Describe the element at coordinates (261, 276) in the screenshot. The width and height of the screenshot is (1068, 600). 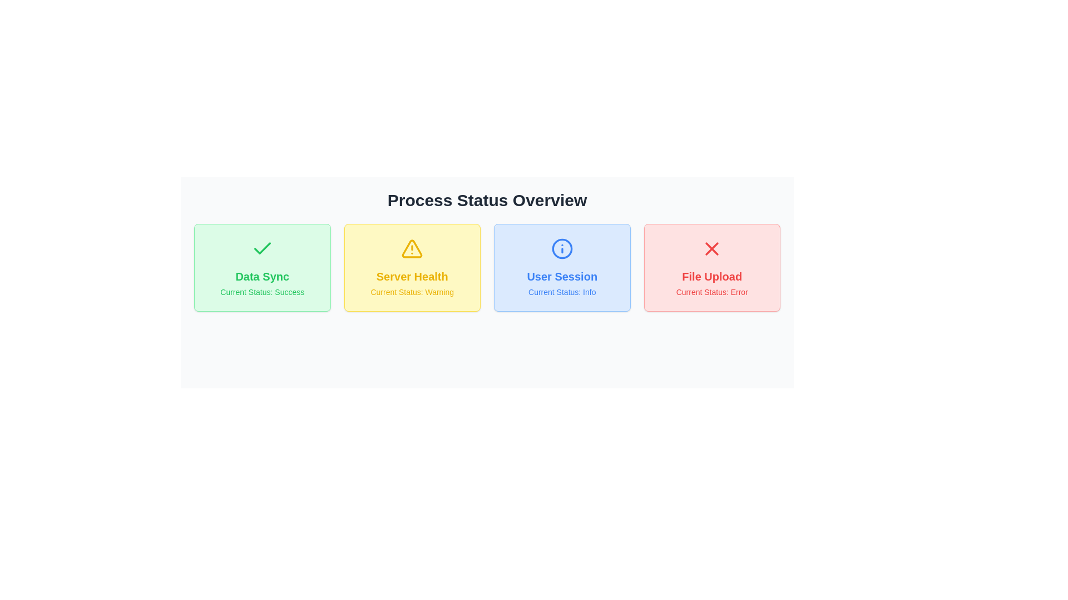
I see `the Text Label that serves as the header for the success status panel, positioned between an icon and the 'Current Status: Success' text` at that location.